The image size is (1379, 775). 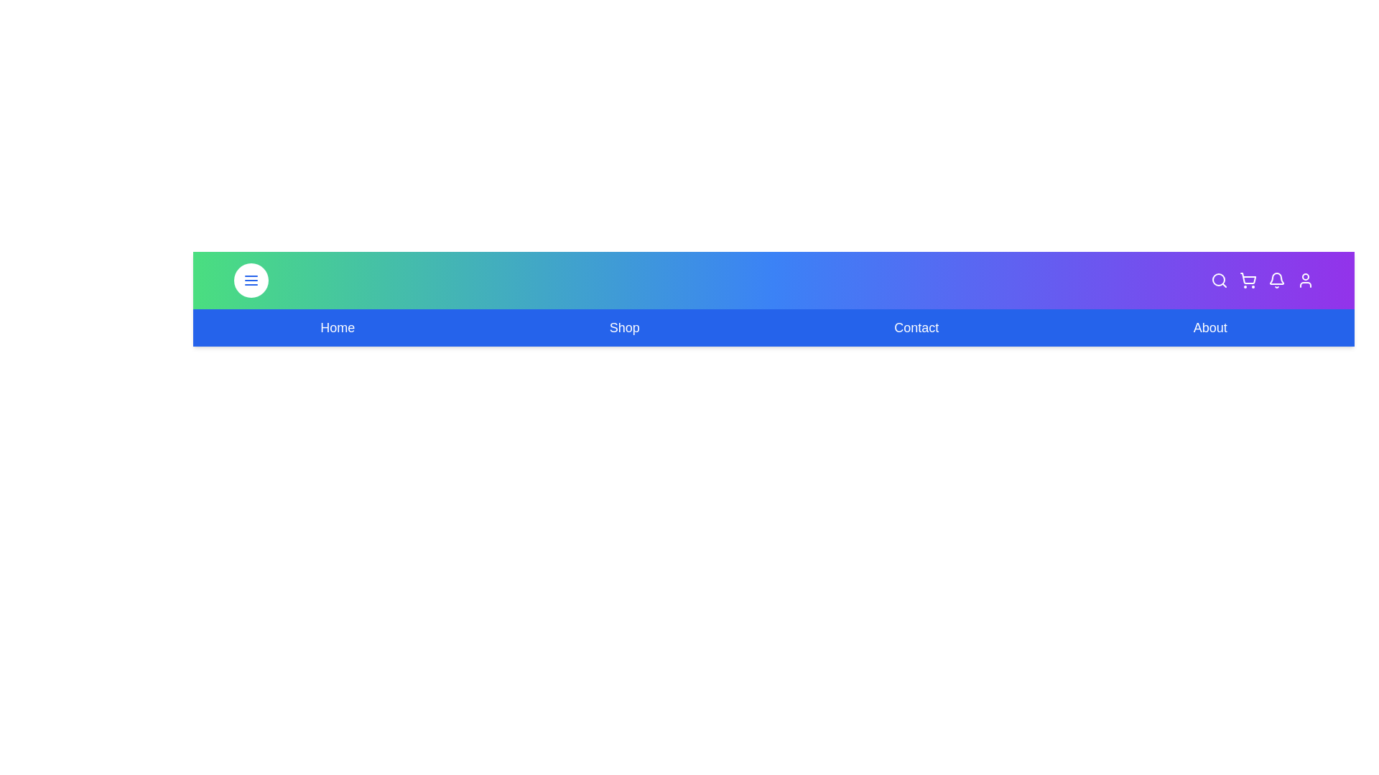 I want to click on the navigation link for Contact, so click(x=916, y=327).